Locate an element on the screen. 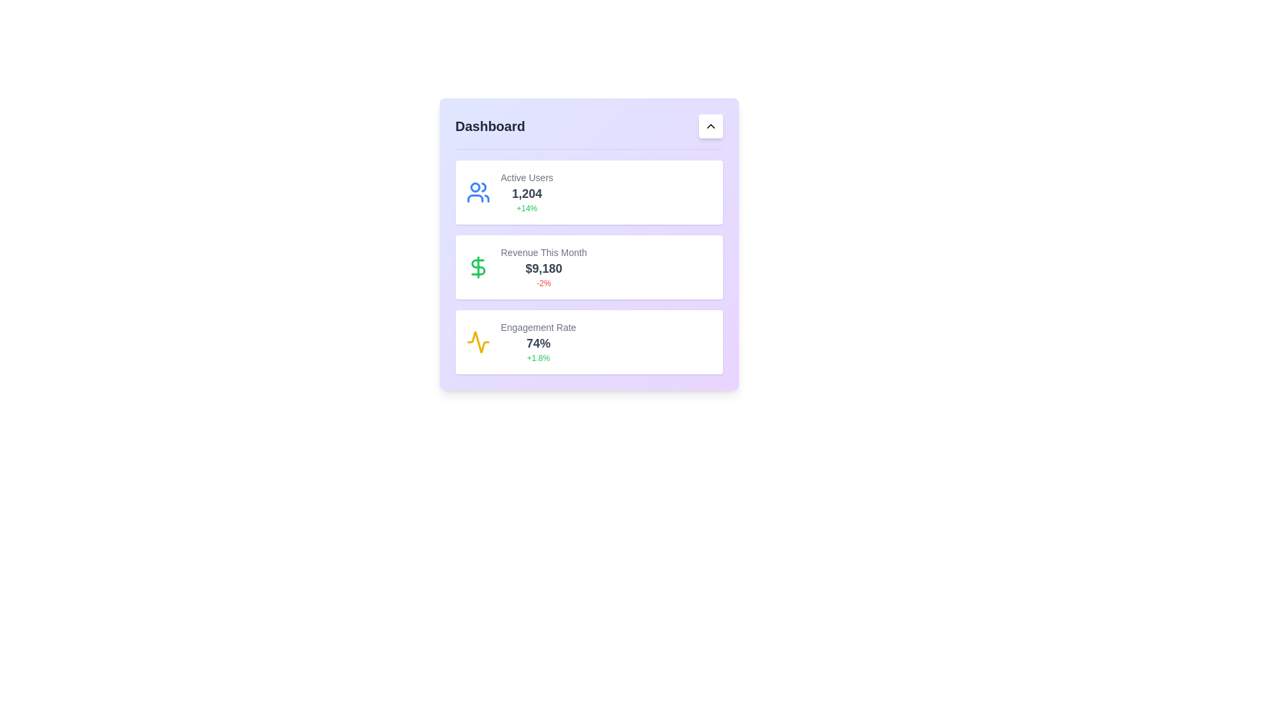 The width and height of the screenshot is (1283, 722). the financial icon representing the 'Revenue This Month' section of the dashboard is located at coordinates (478, 267).